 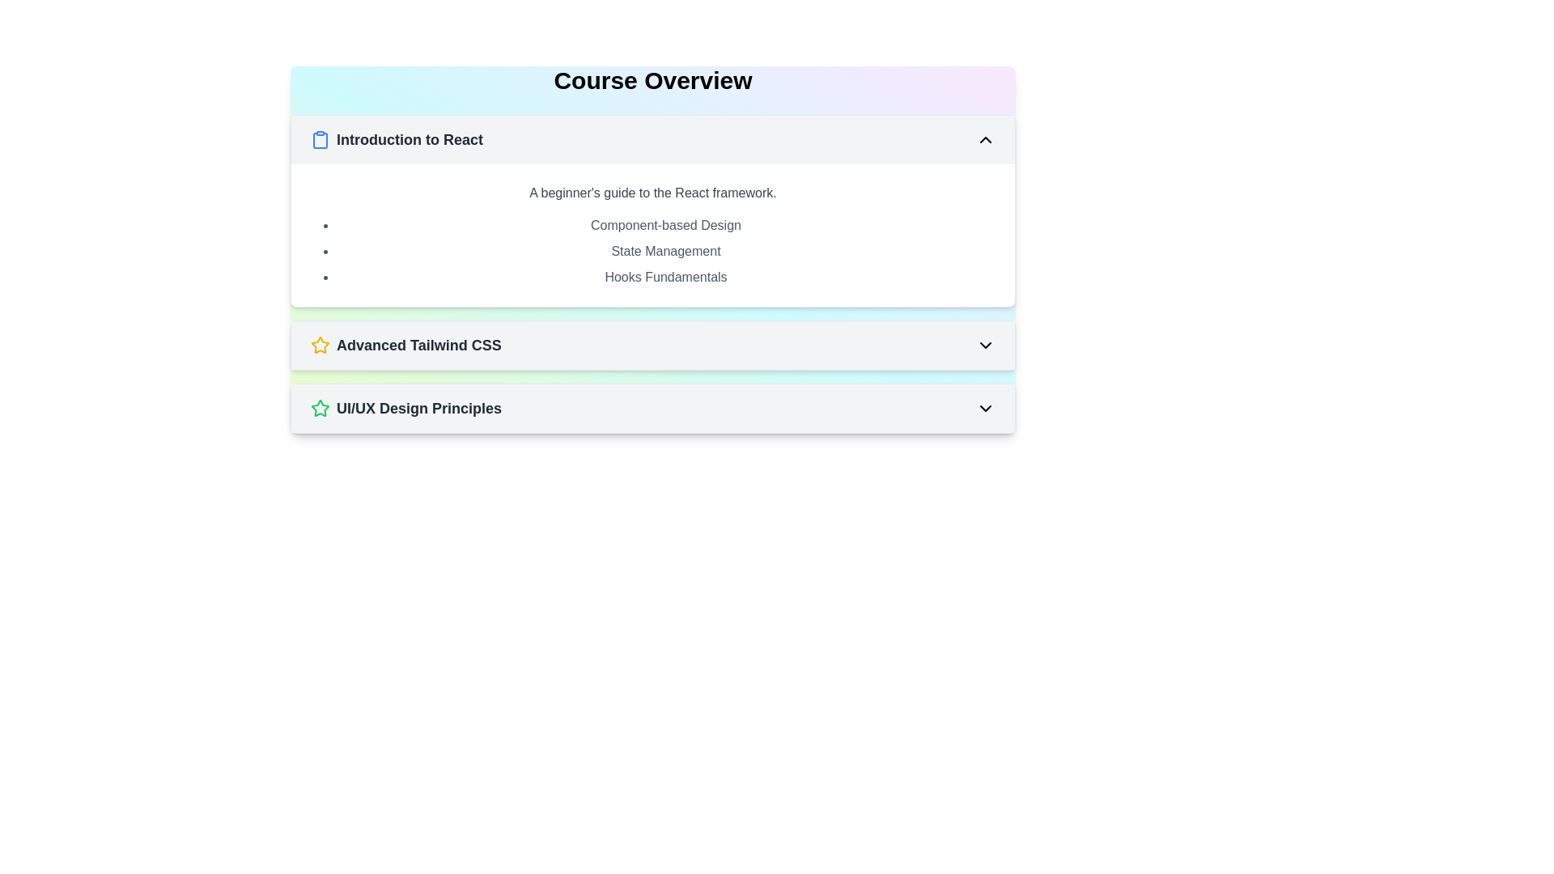 I want to click on the Chevron icon located in the upper-right corner of the 'Introduction to React' section to observe tooltips or visual effects, so click(x=985, y=139).